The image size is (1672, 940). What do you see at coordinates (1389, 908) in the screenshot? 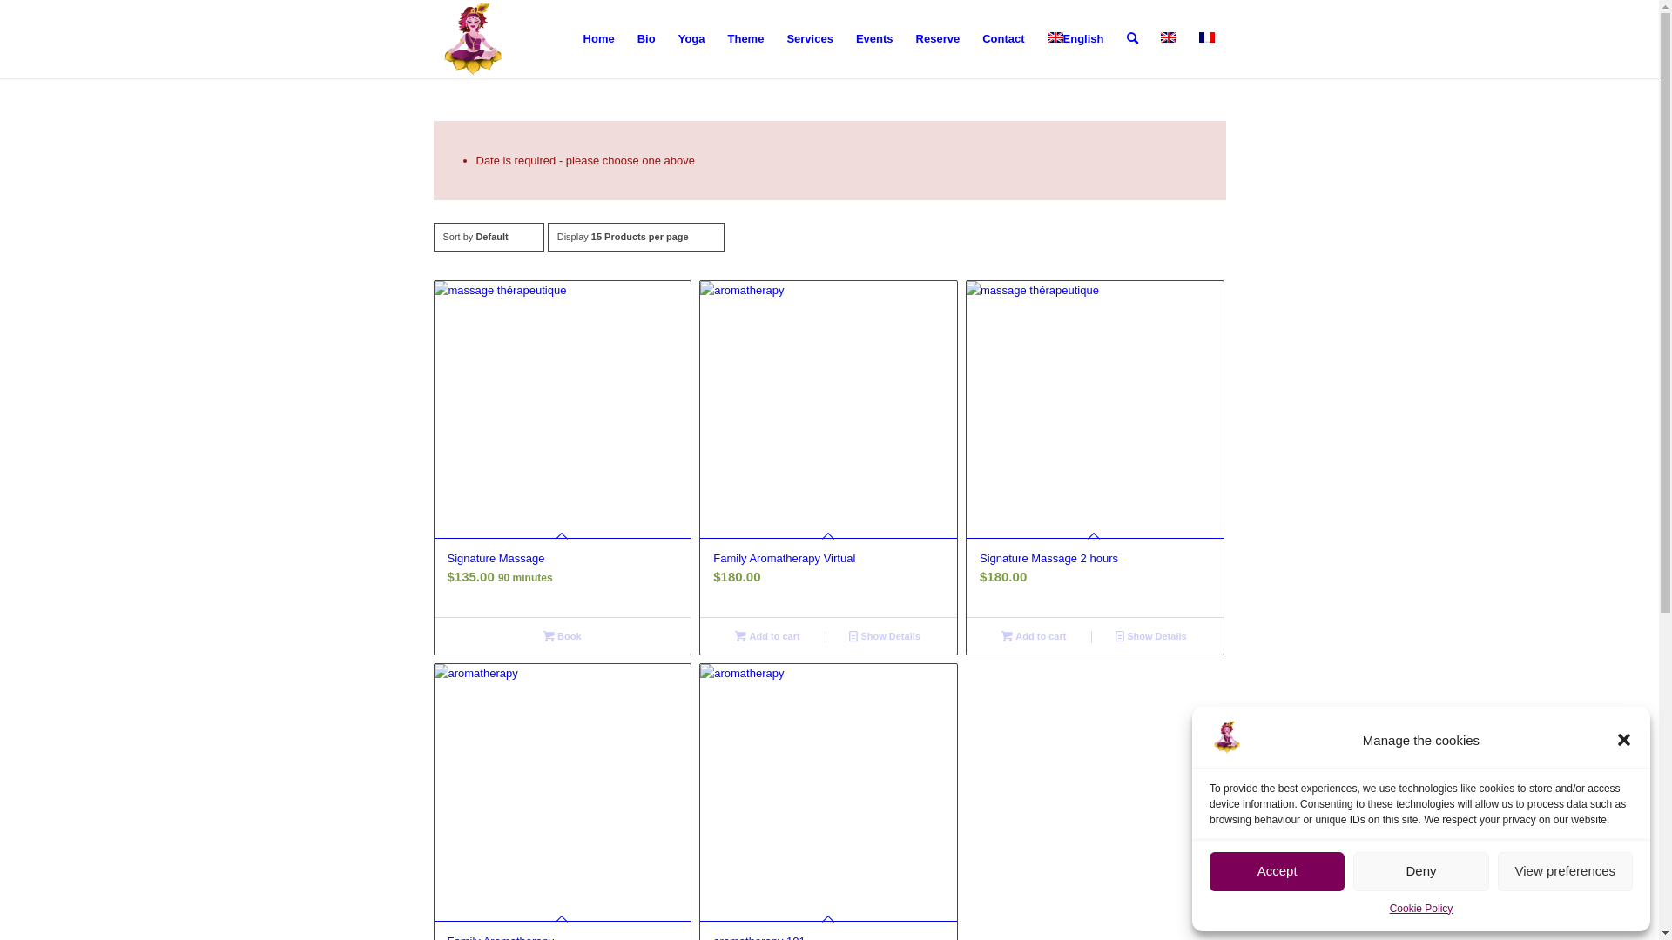
I see `'Cookie Policy'` at bounding box center [1389, 908].